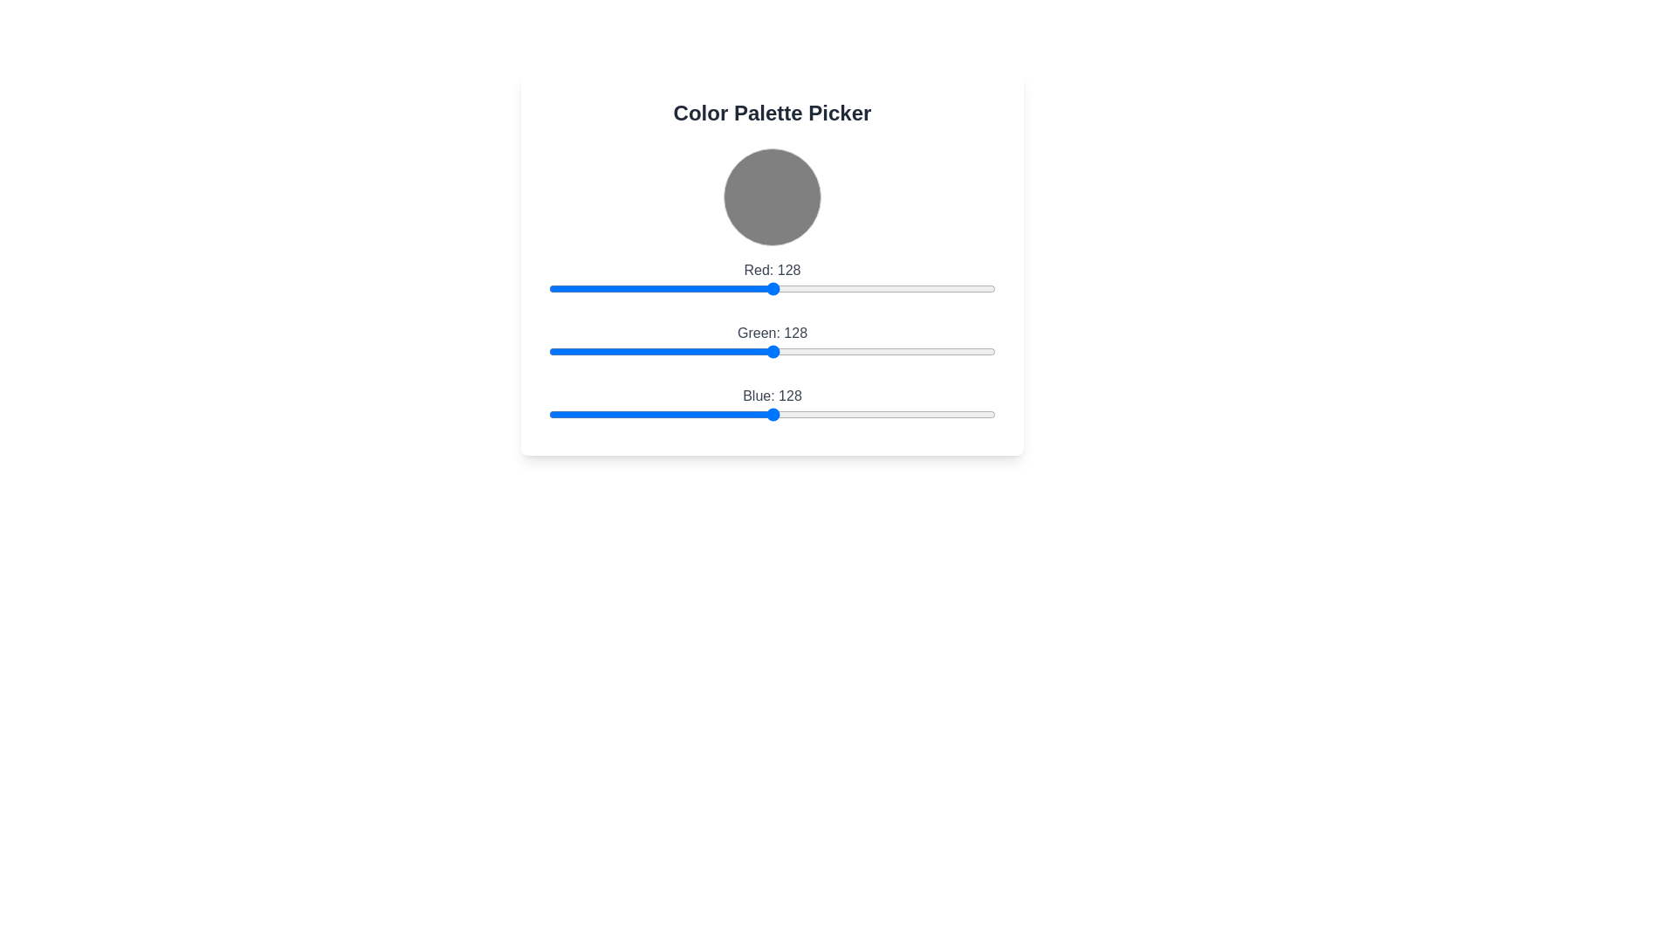 This screenshot has height=943, width=1676. What do you see at coordinates (841, 414) in the screenshot?
I see `the blue value` at bounding box center [841, 414].